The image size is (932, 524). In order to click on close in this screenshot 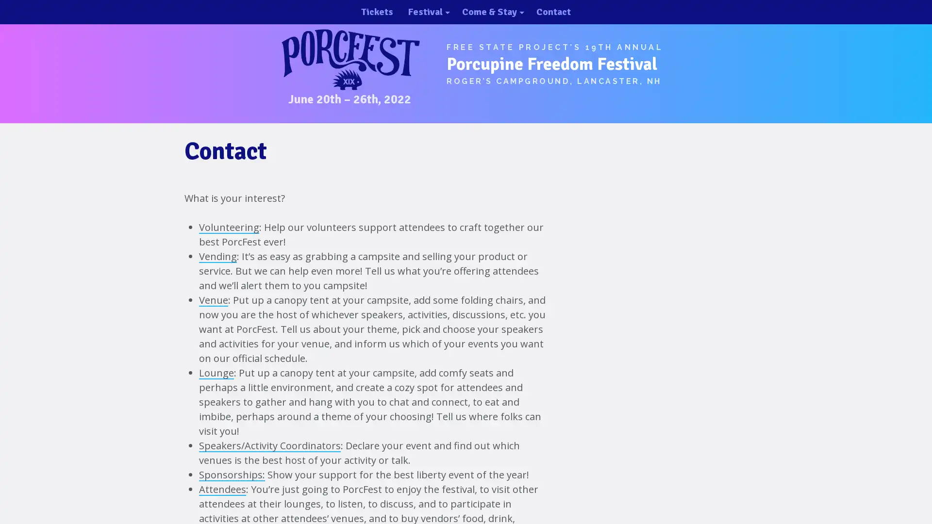, I will do `click(901, 39)`.